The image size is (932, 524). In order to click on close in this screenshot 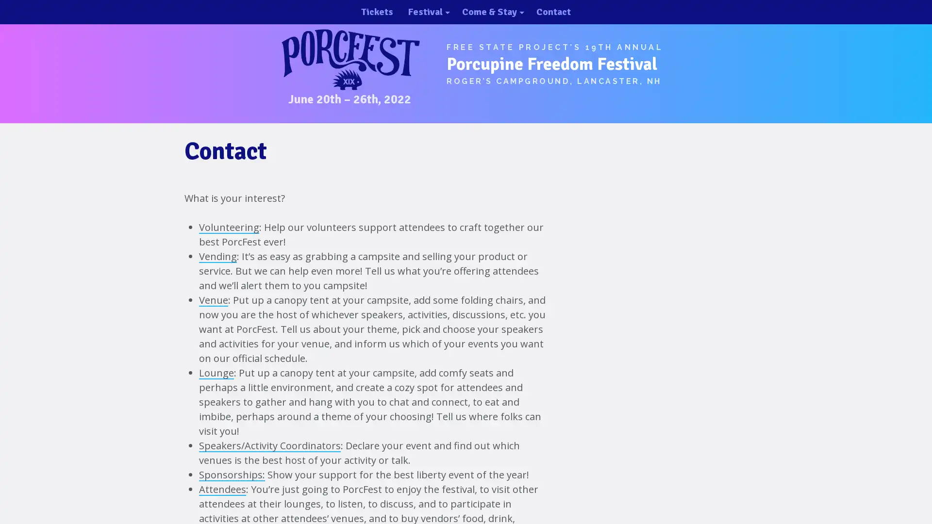, I will do `click(901, 39)`.